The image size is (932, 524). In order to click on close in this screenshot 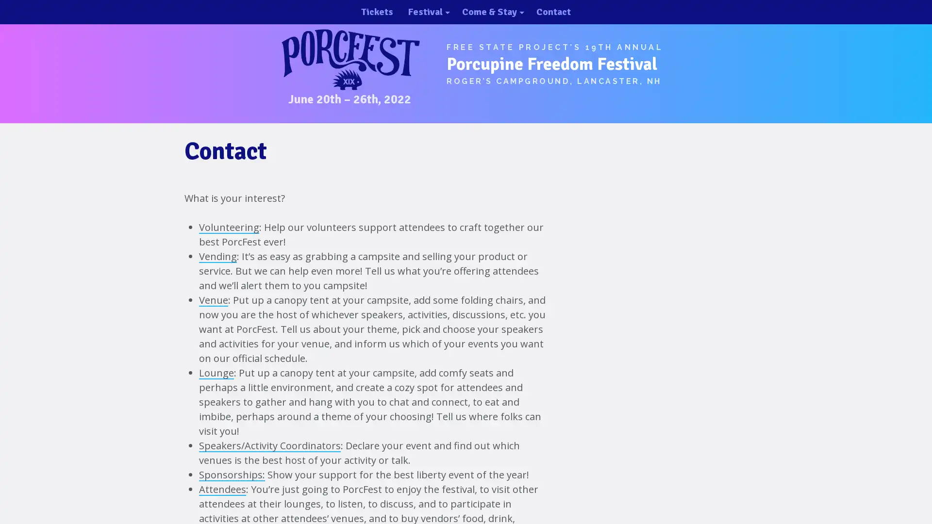, I will do `click(901, 39)`.